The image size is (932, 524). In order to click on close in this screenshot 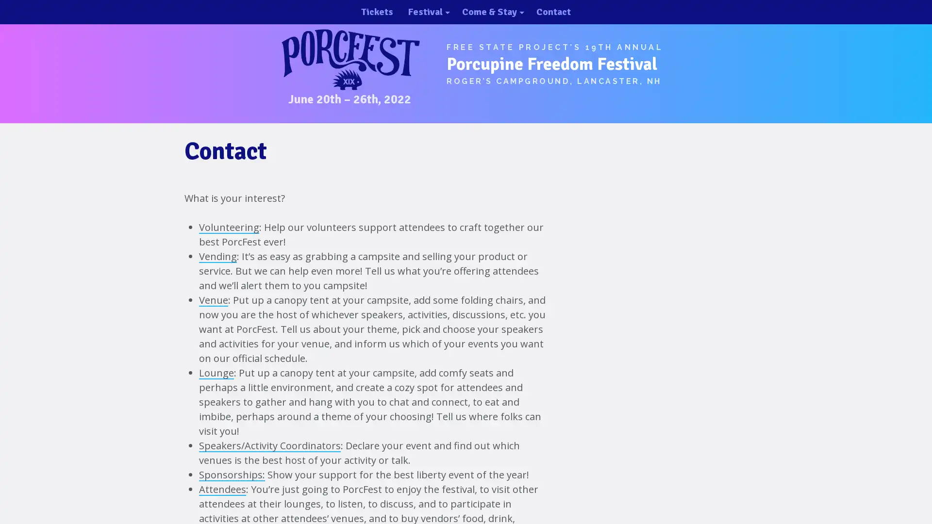, I will do `click(901, 39)`.